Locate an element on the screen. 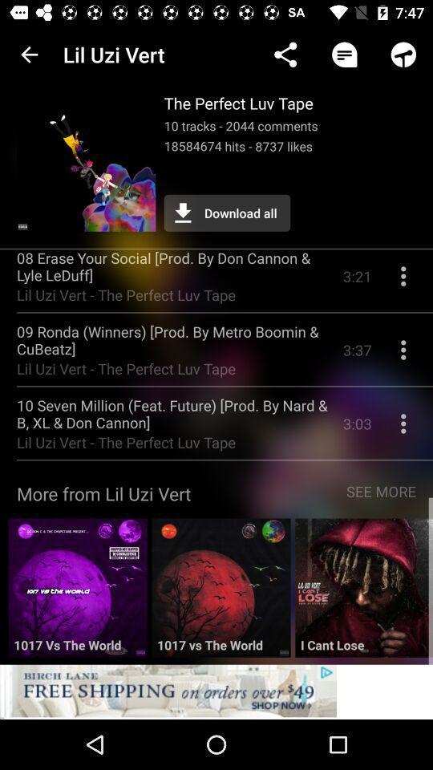 This screenshot has width=433, height=770. more options is located at coordinates (403, 428).